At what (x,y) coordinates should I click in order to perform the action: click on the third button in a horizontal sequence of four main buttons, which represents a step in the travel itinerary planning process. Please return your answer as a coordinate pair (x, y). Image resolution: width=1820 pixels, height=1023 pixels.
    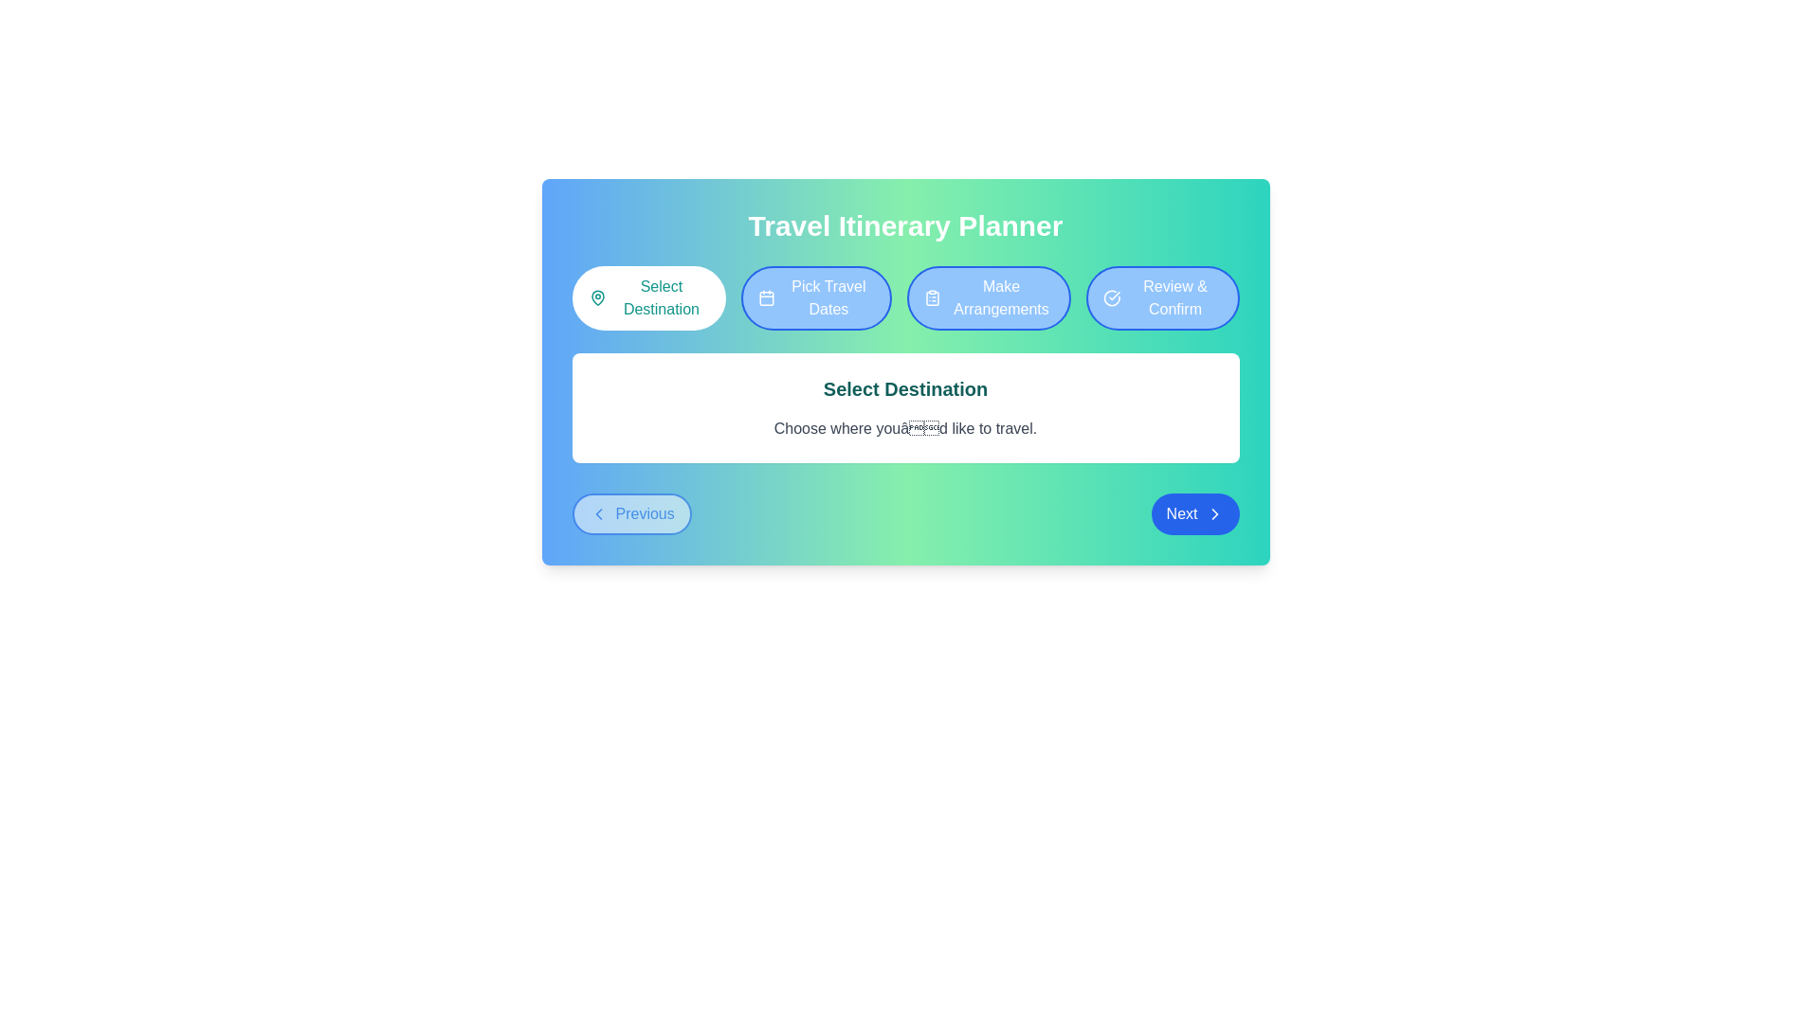
    Looking at the image, I should click on (1000, 298).